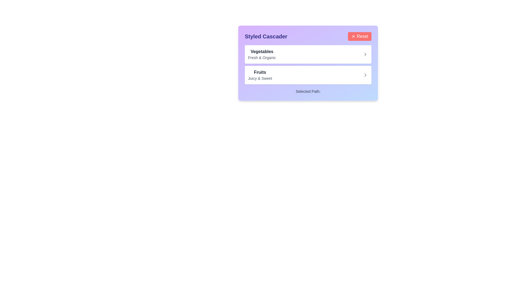 The width and height of the screenshot is (524, 294). Describe the element at coordinates (260, 75) in the screenshot. I see `the Text Label displaying 'Fruits' in bold, dark gray typography, which is located centrally within the cascading selection component, below the 'Vegetables' row` at that location.